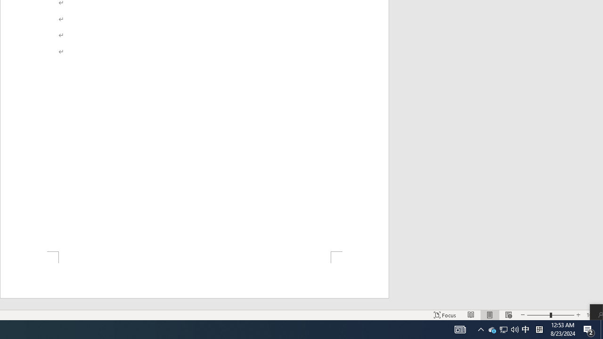 This screenshot has height=339, width=603. What do you see at coordinates (578, 315) in the screenshot?
I see `'Zoom In'` at bounding box center [578, 315].